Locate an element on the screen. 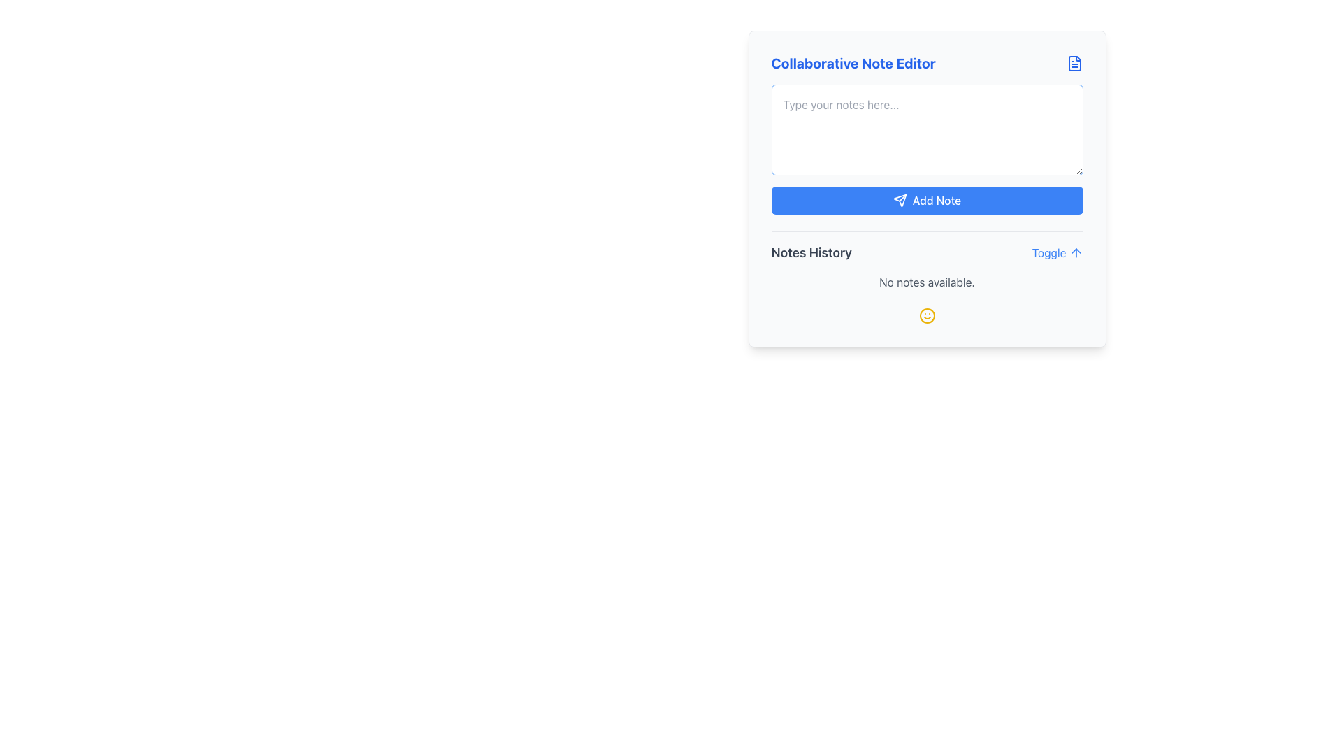 This screenshot has height=755, width=1342. the informational section that displays the message 'No notes available' located below the 'Add Note' button in the 'Collaborative Note Editor' card is located at coordinates (927, 261).